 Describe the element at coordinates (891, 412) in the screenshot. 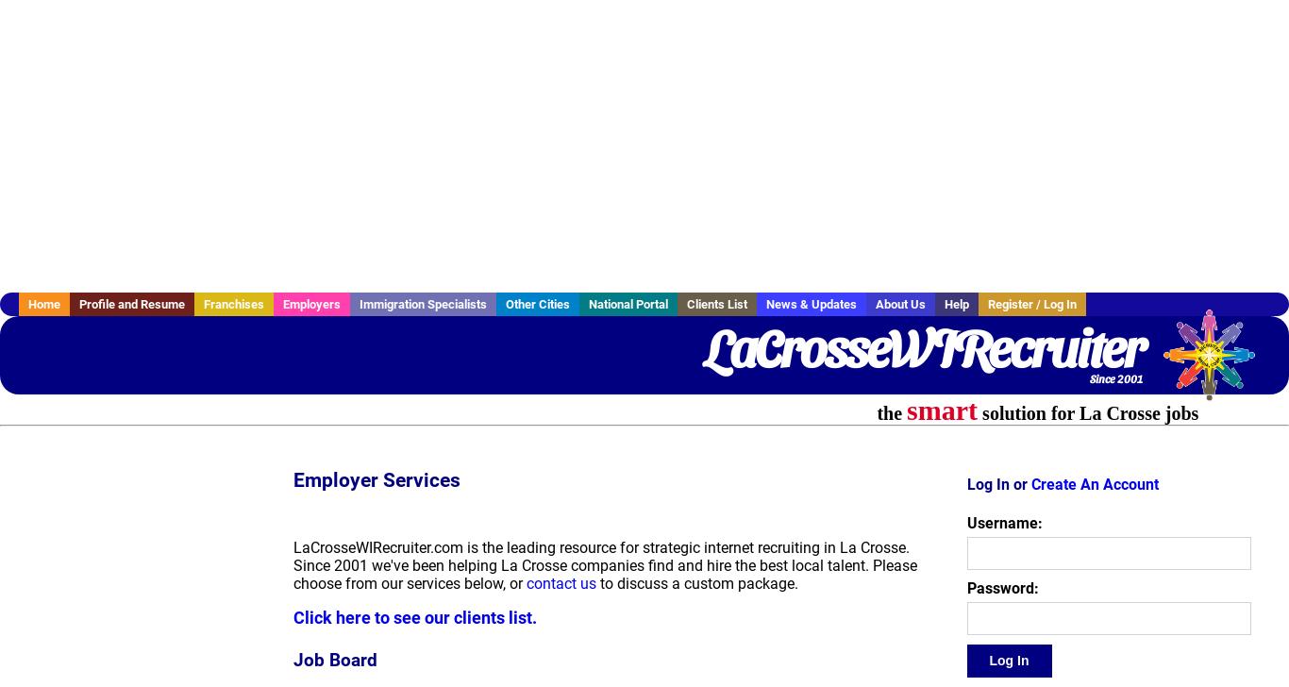

I see `'the'` at that location.